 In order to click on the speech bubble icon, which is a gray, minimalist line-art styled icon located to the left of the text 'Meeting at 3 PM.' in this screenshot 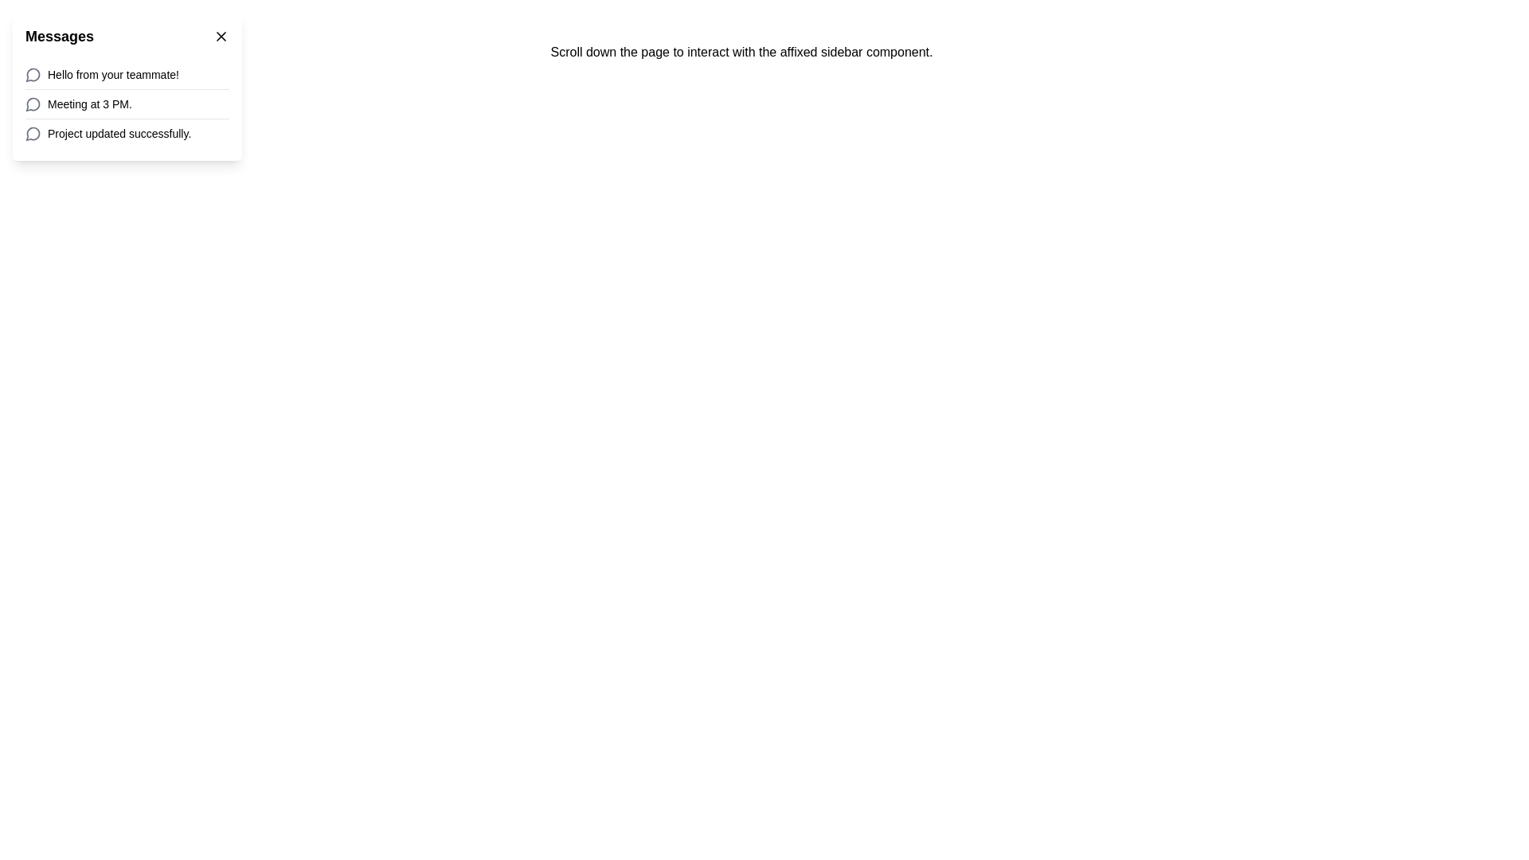, I will do `click(33, 104)`.